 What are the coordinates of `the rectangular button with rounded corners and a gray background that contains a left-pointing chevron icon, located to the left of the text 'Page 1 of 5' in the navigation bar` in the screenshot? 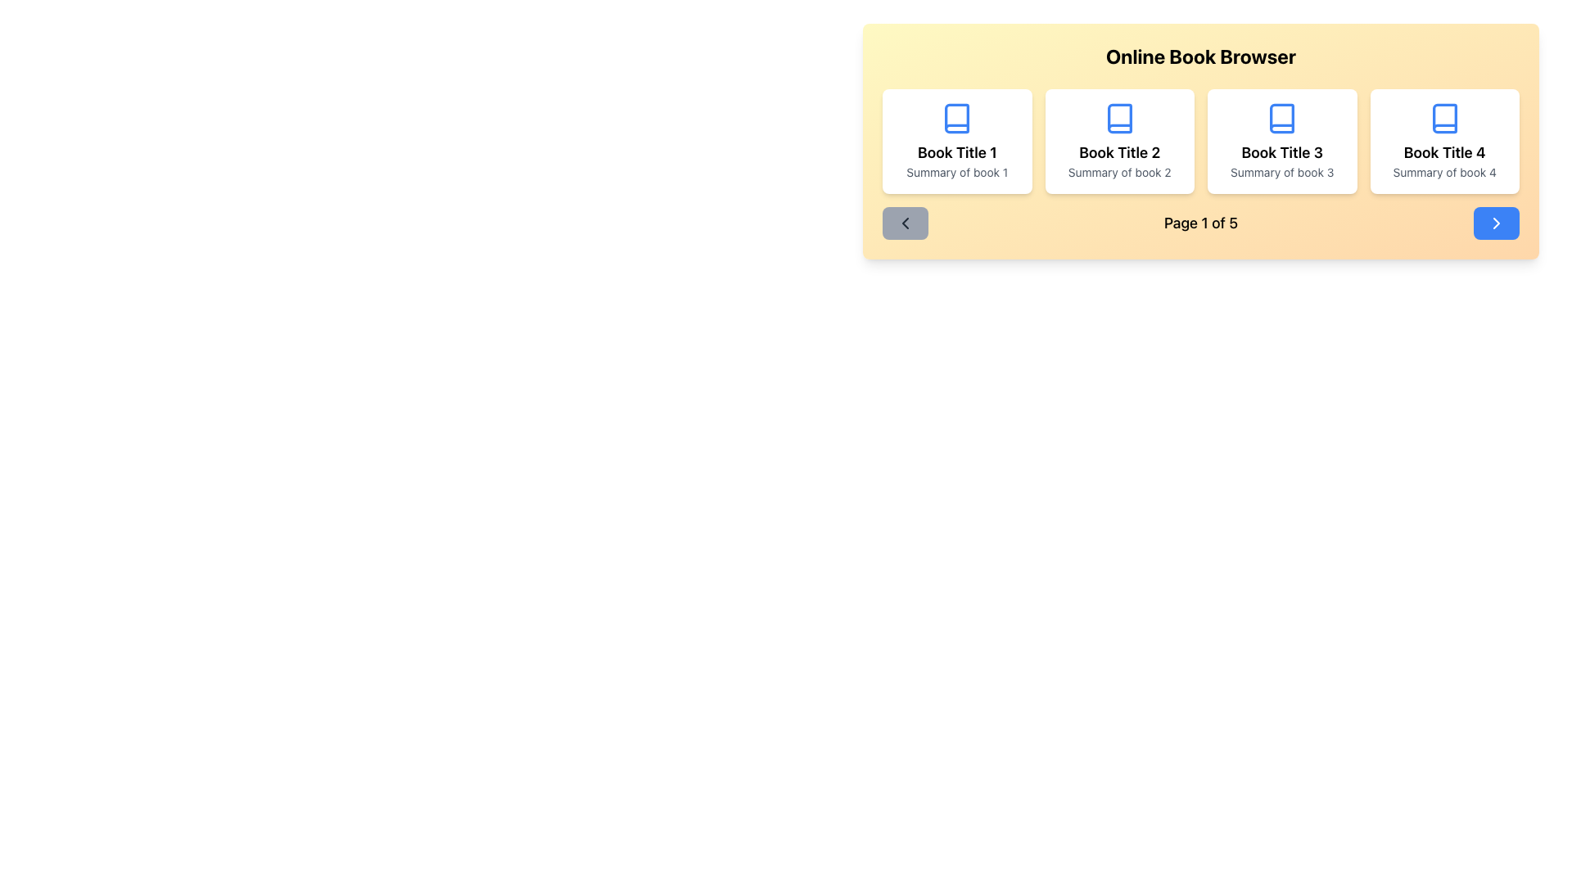 It's located at (904, 223).